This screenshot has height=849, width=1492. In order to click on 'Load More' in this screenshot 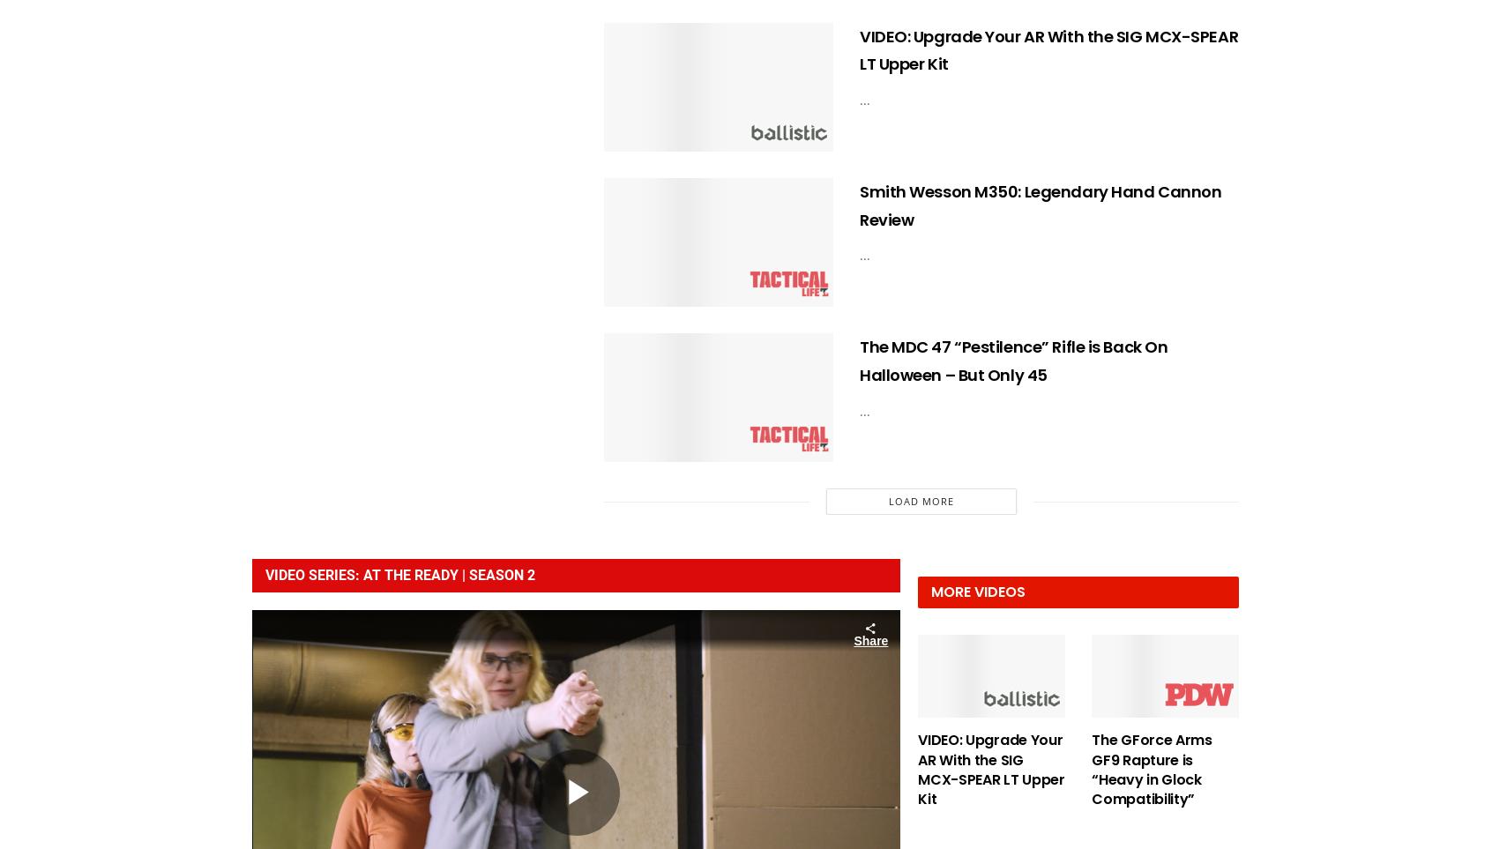, I will do `click(920, 500)`.